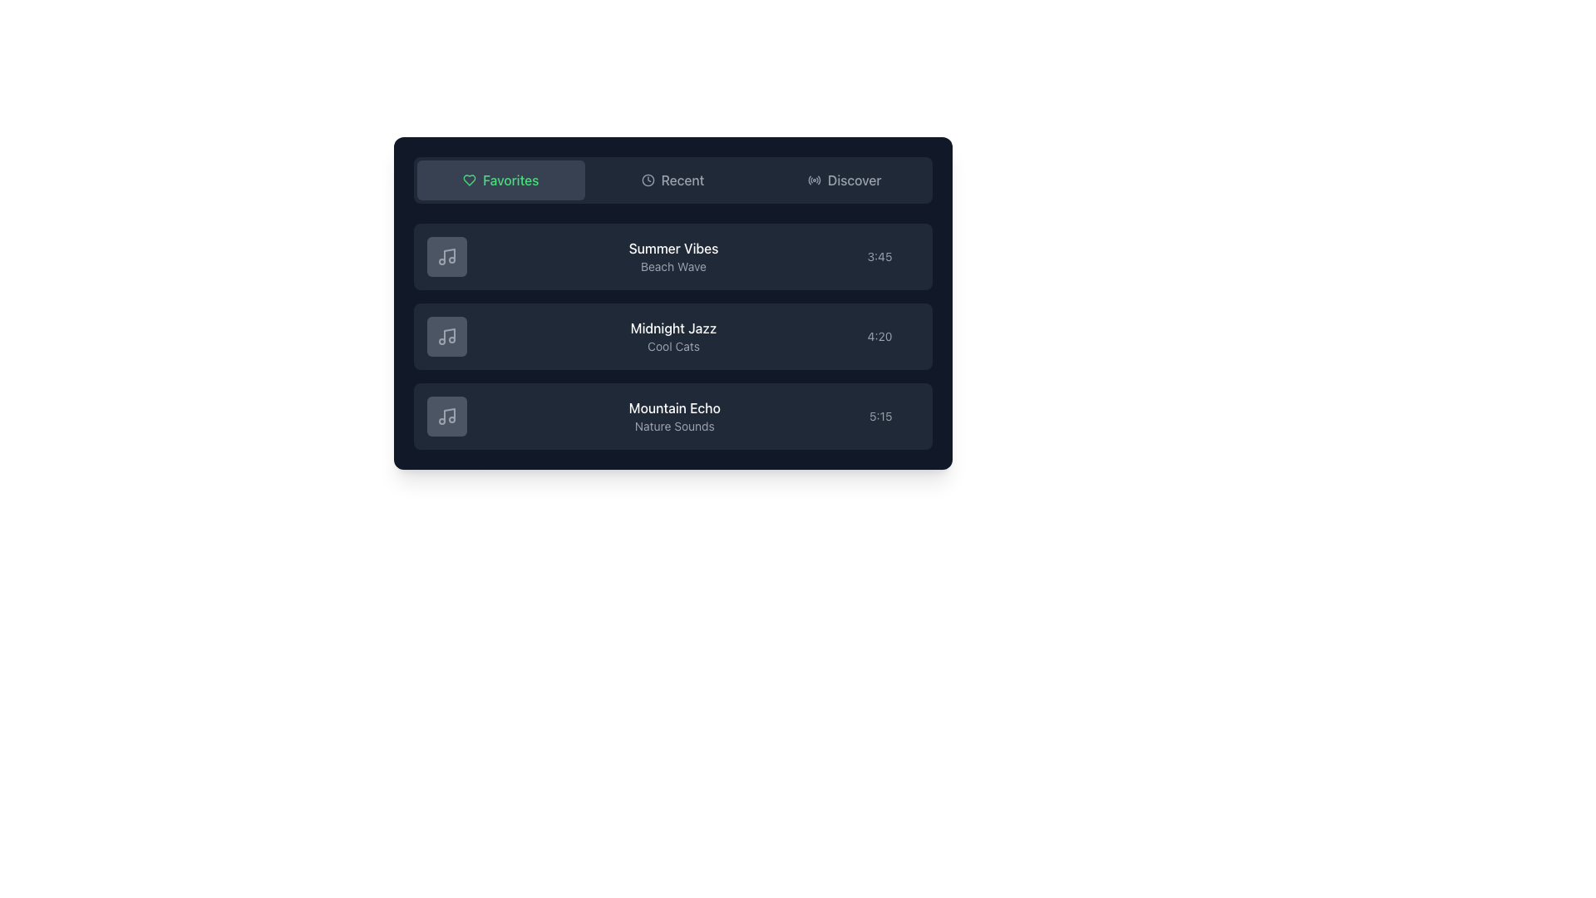  I want to click on the heart icon located to the left of the 'Favorites' text in the horizontal navigation menu, so click(469, 180).